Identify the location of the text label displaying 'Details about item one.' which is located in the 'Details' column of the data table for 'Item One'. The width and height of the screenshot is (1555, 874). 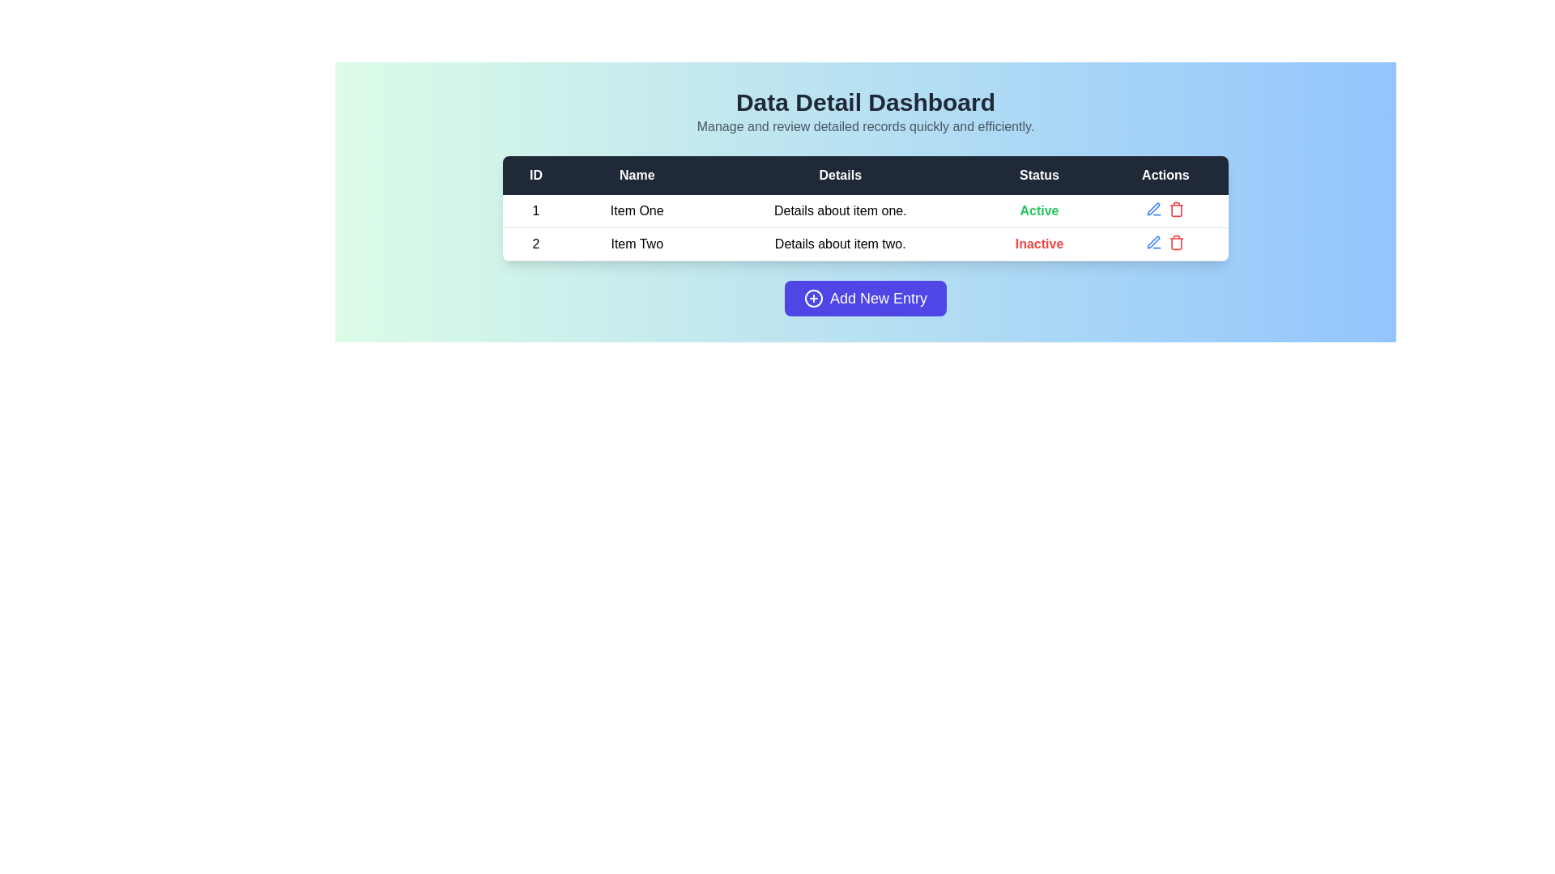
(840, 210).